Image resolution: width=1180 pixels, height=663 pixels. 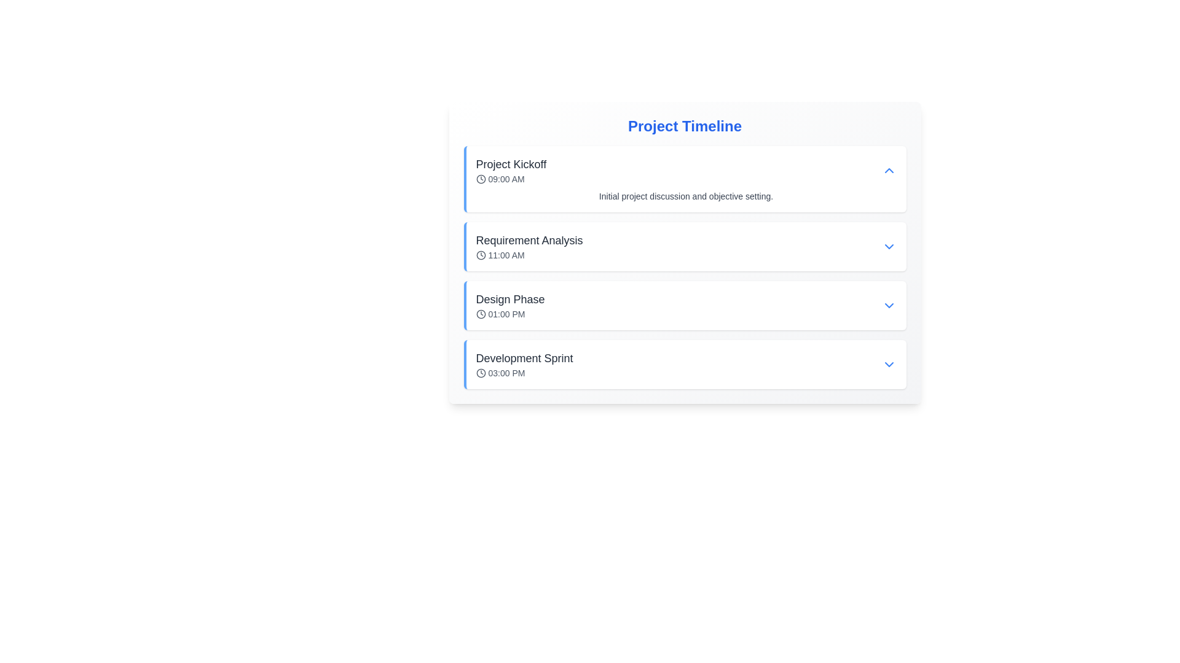 I want to click on the 'Project Kickoff' timeline entry element, which is the first entry in the timeline section, providing details about an event scheduled at 09:00 AM, so click(x=511, y=170).